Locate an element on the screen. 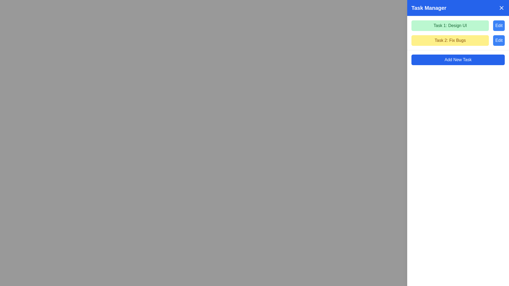 Image resolution: width=509 pixels, height=286 pixels. the Task item with text and 'Edit' button, positioned at the top of the task list is located at coordinates (458, 25).